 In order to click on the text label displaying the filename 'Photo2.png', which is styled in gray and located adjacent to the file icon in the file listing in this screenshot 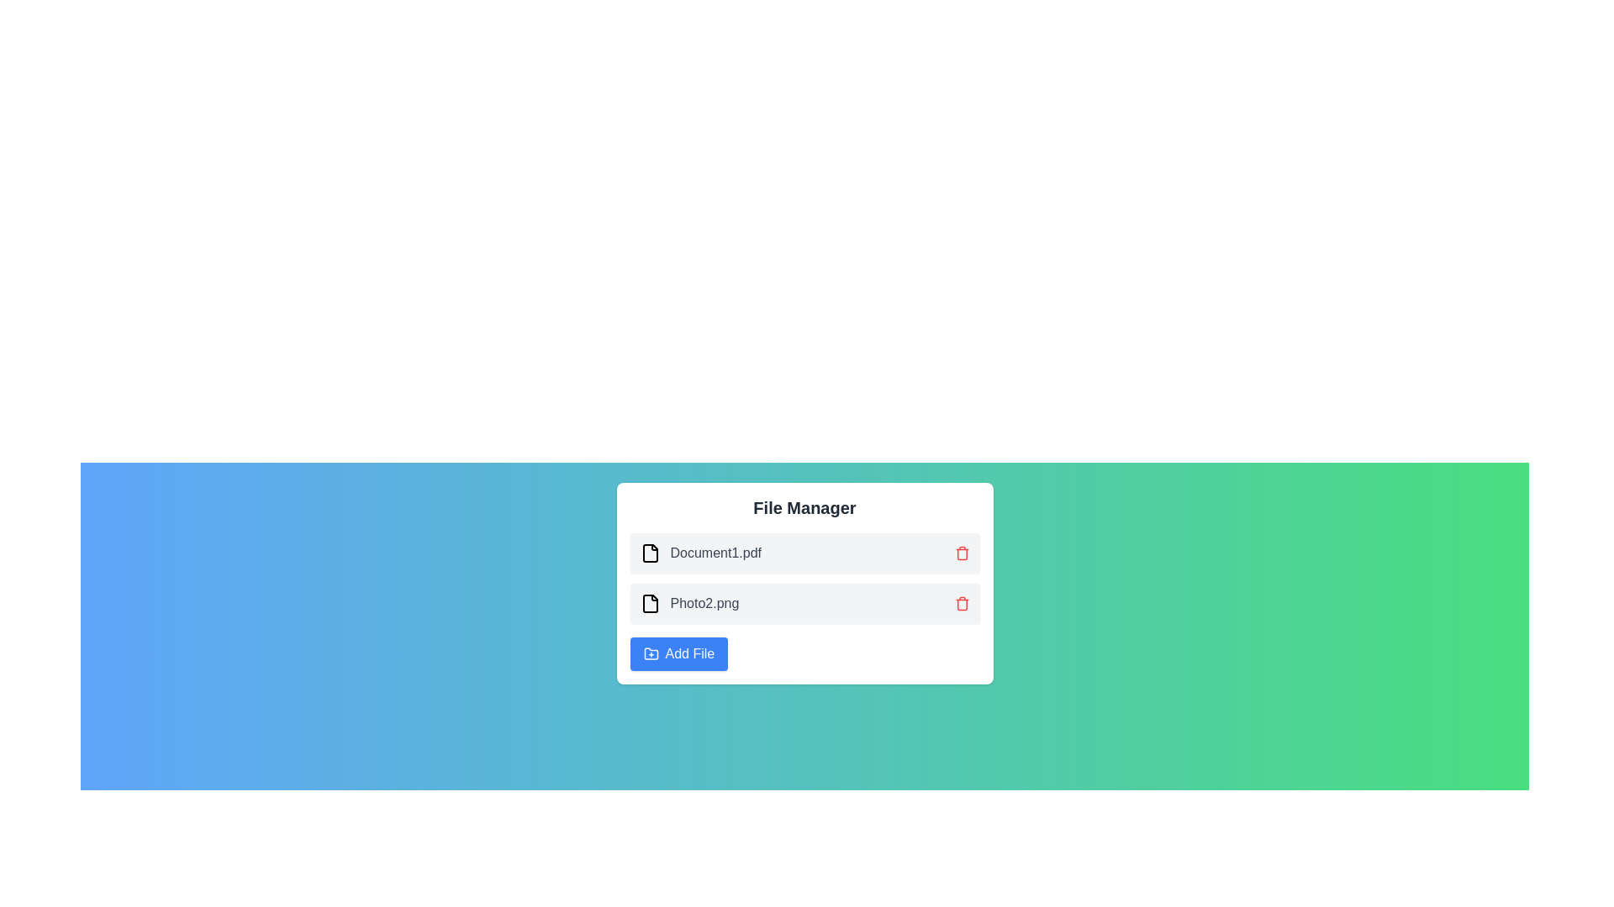, I will do `click(704, 602)`.